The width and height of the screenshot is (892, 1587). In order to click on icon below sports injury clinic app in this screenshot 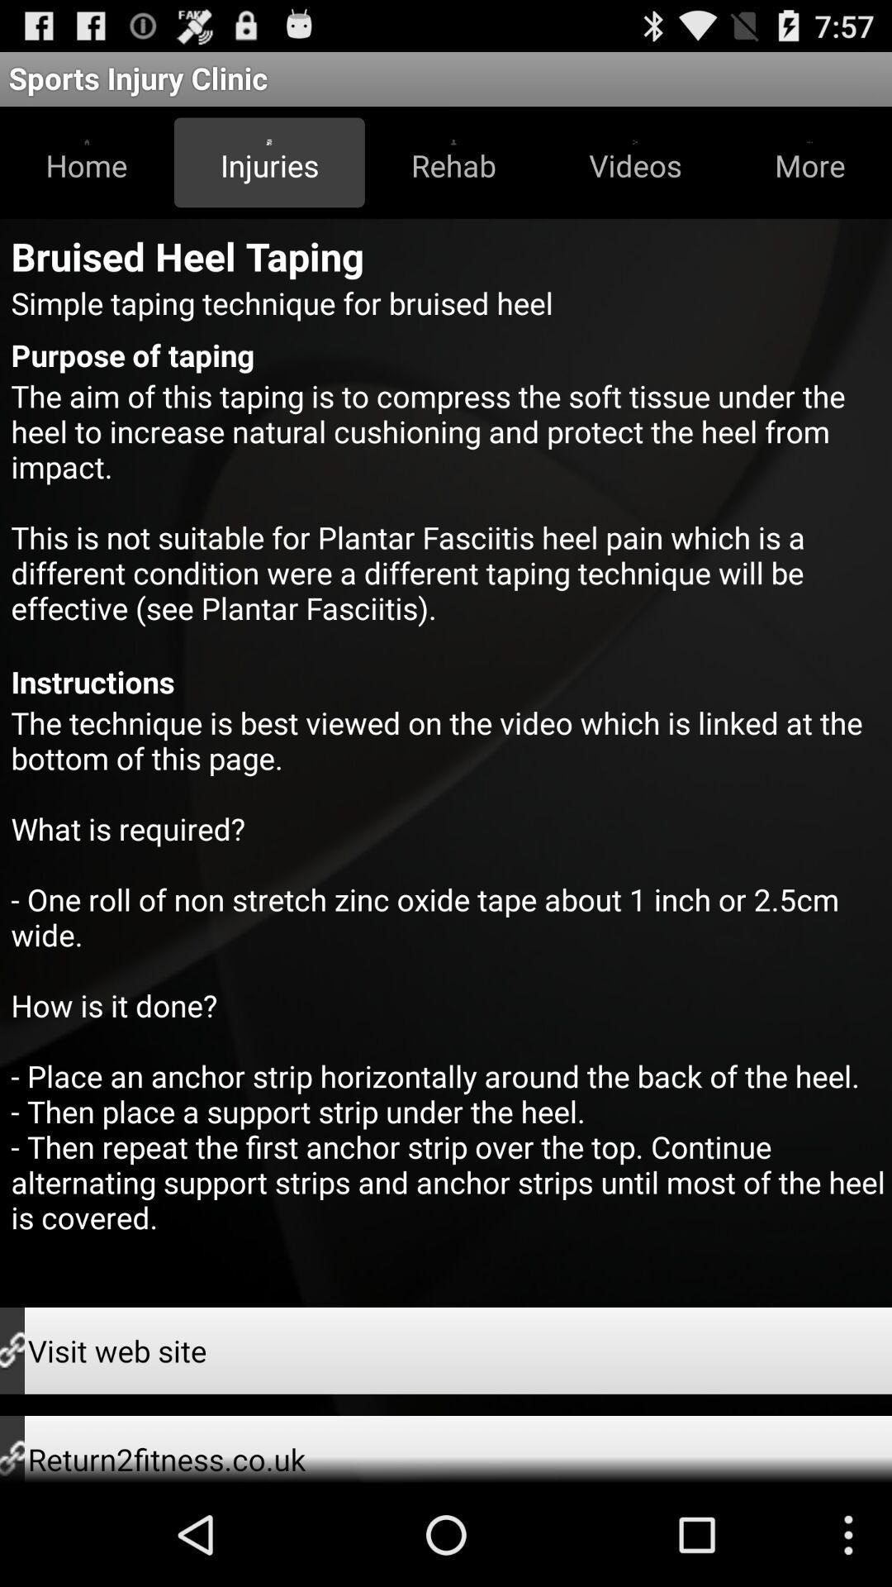, I will do `click(809, 162)`.